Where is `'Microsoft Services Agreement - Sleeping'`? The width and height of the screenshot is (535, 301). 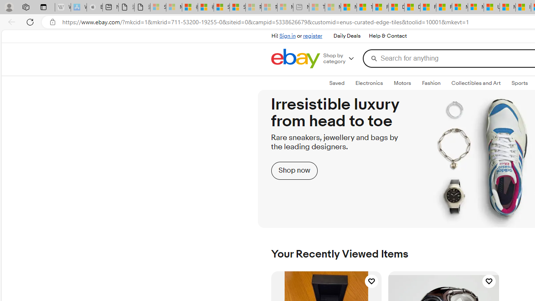 'Microsoft Services Agreement - Sleeping' is located at coordinates (173, 7).